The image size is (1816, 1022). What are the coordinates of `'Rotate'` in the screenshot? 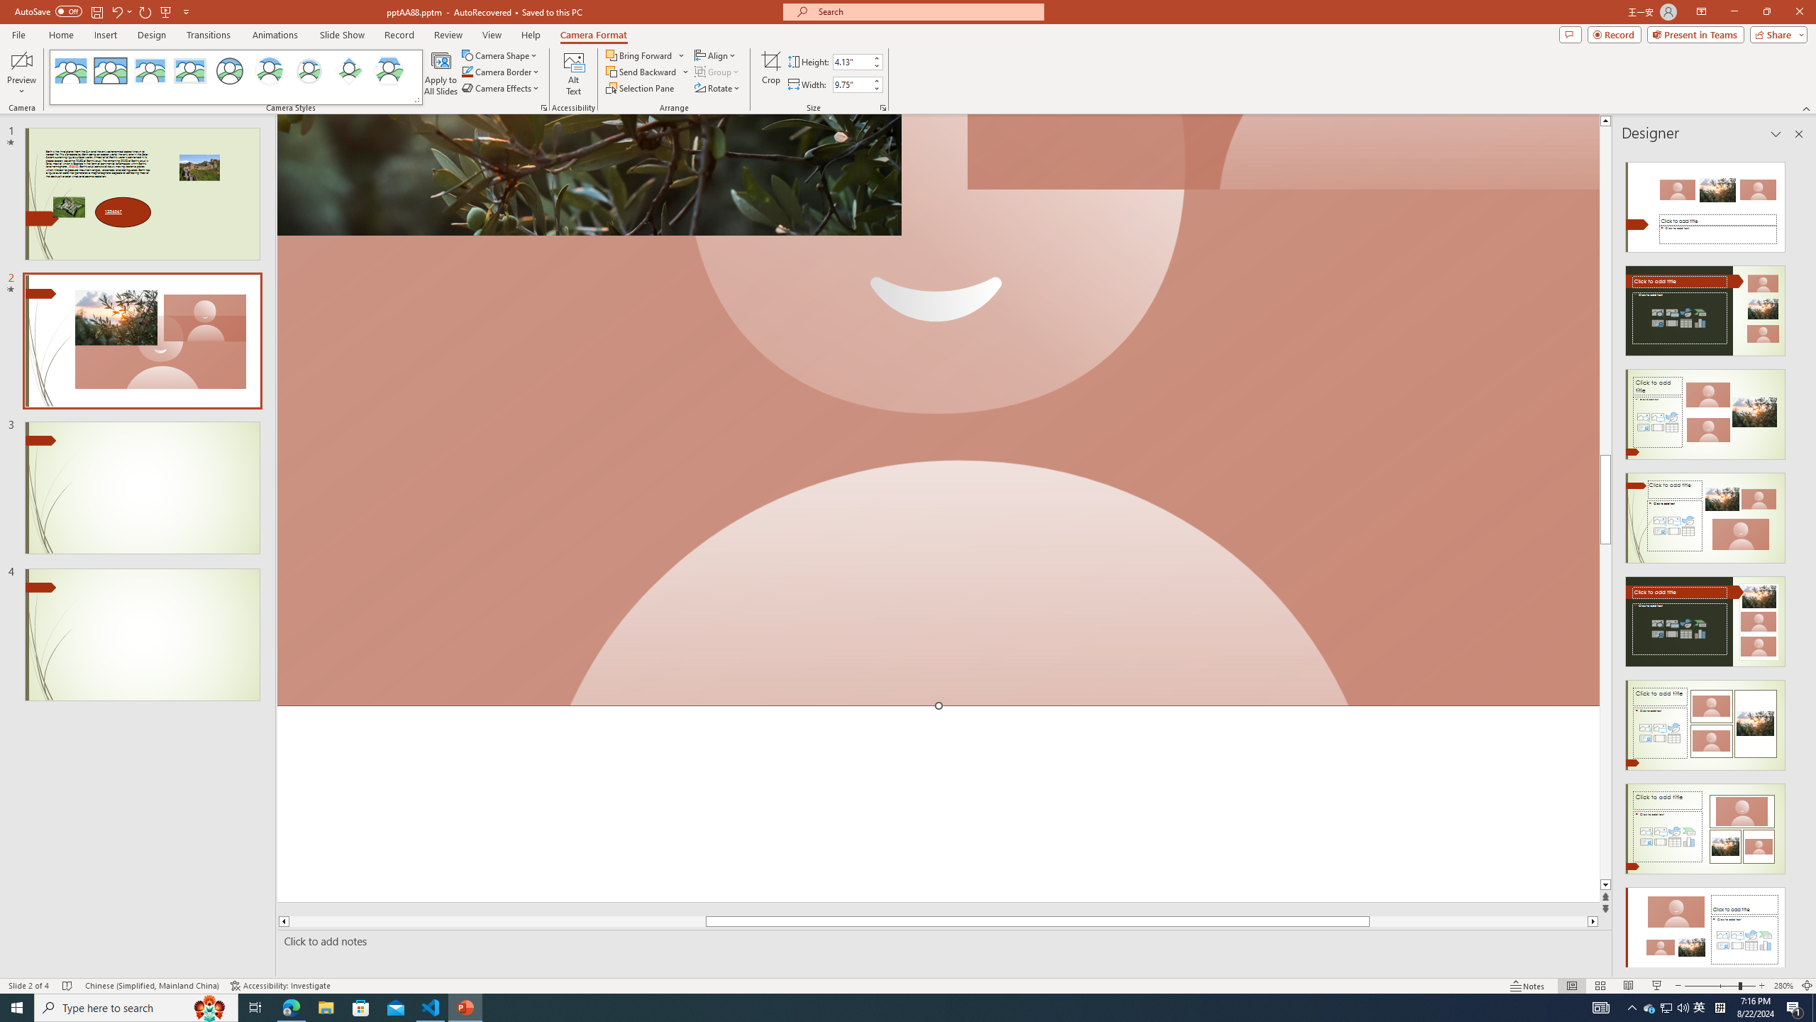 It's located at (717, 87).